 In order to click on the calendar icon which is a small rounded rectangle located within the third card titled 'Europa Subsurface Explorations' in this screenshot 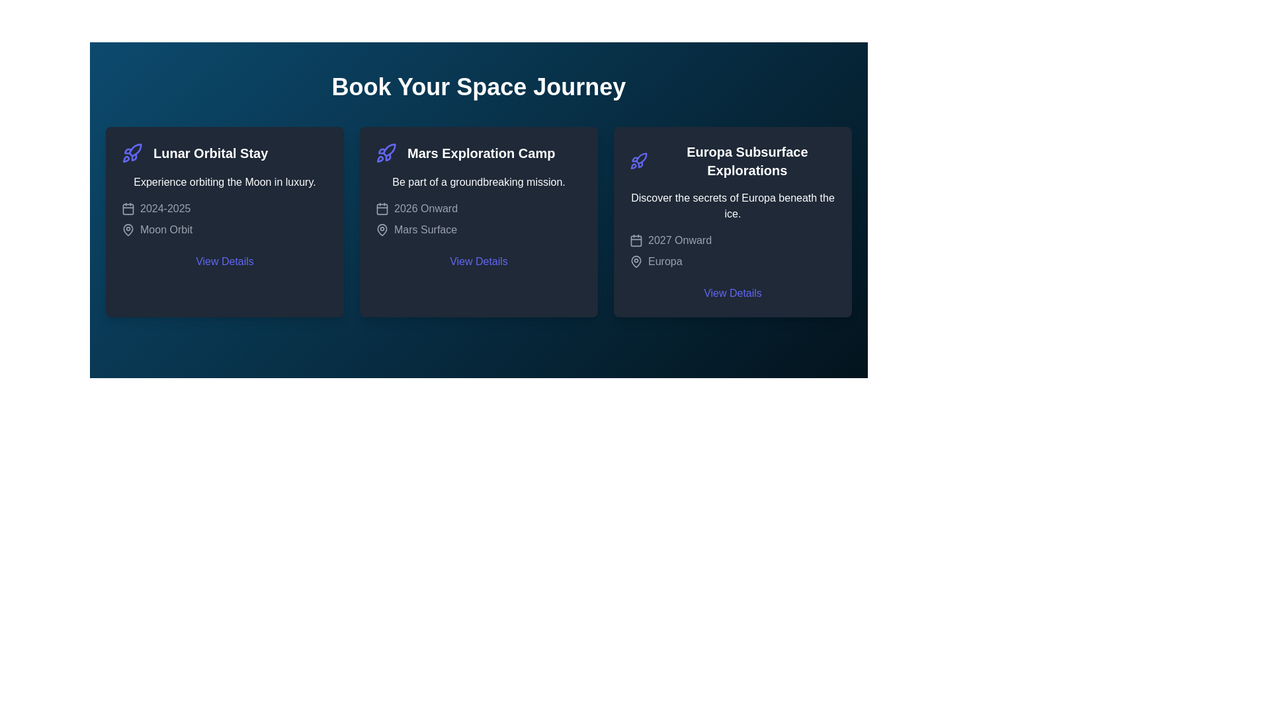, I will do `click(636, 240)`.